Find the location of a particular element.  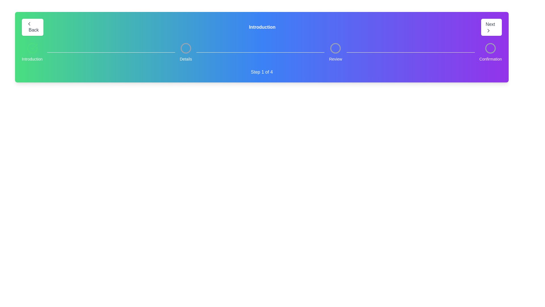

the static text label displaying the word 'Introduction' in bold white font, which is visually centered in a colorful horizontal bar transitioning from green to purple is located at coordinates (262, 27).